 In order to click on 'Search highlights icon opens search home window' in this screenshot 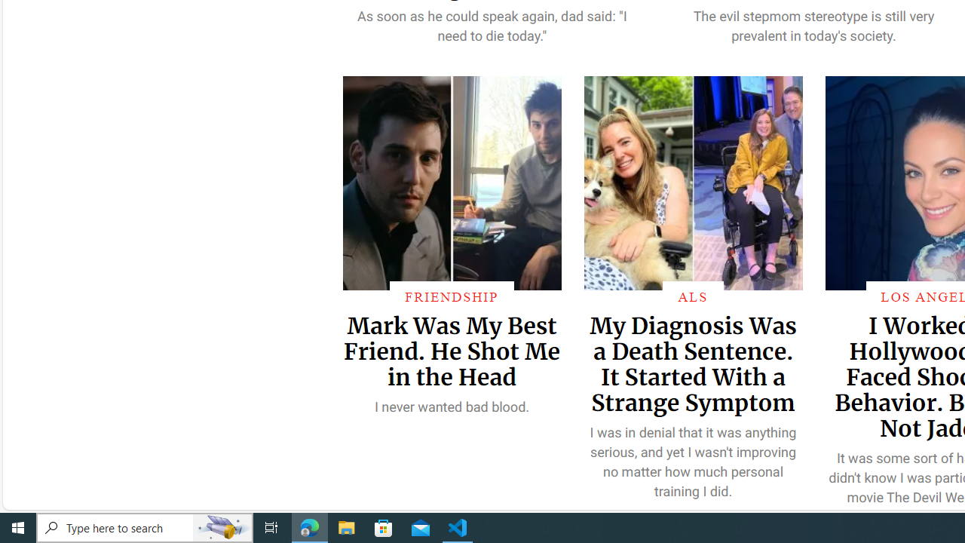, I will do `click(222, 526)`.